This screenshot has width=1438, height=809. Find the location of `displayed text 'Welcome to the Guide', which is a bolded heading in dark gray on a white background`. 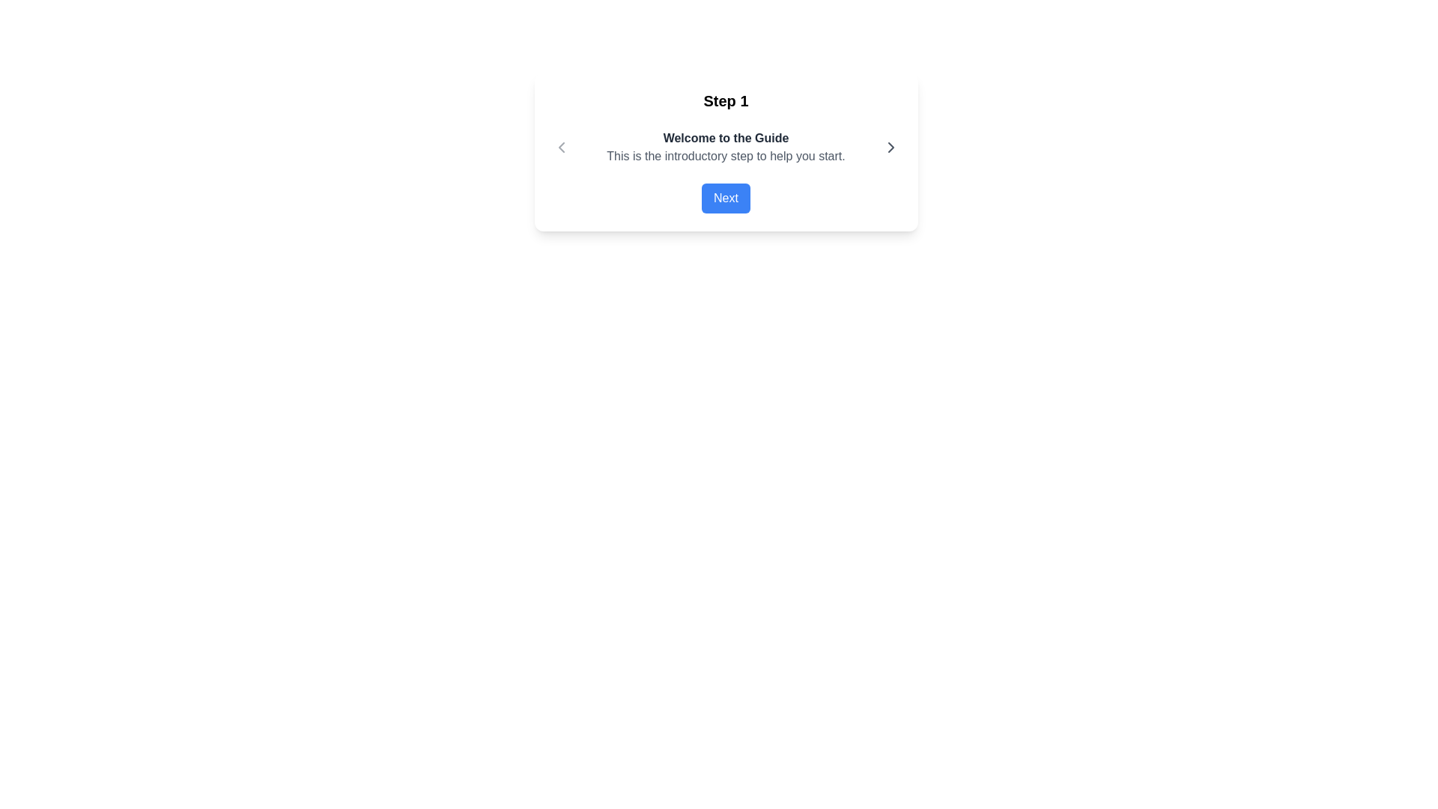

displayed text 'Welcome to the Guide', which is a bolded heading in dark gray on a white background is located at coordinates (726, 139).